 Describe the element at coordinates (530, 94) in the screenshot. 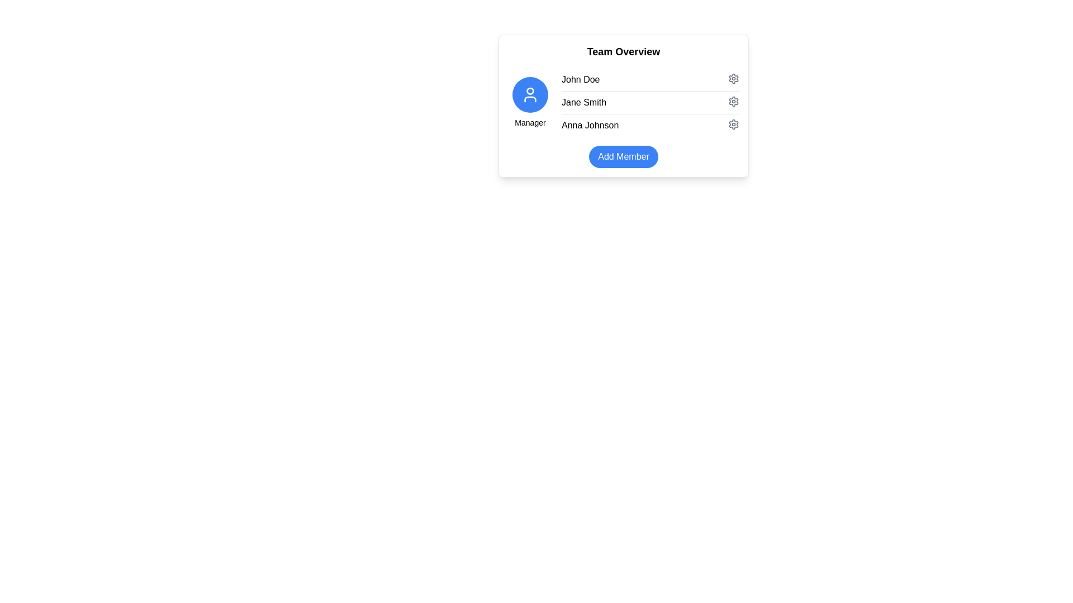

I see `the 'Manager' icon located in the sidebar area, which is the first item above the text that reads 'Manager'` at that location.